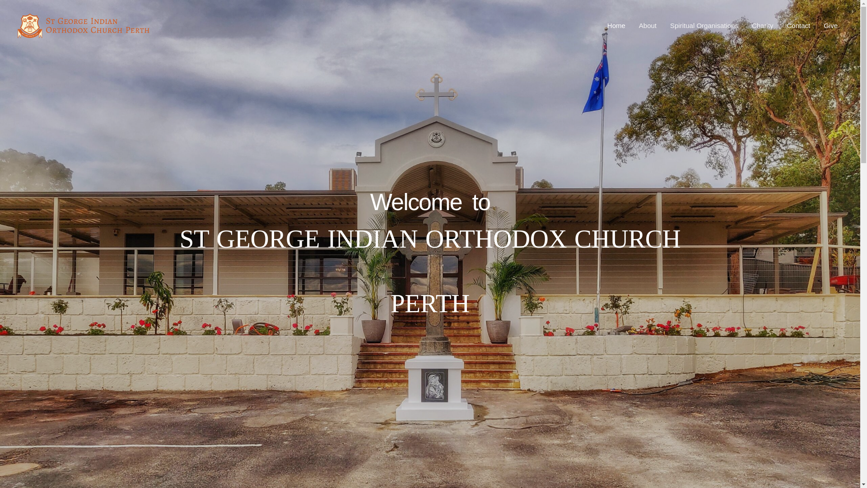 The image size is (867, 488). I want to click on 'Contact', so click(798, 25).